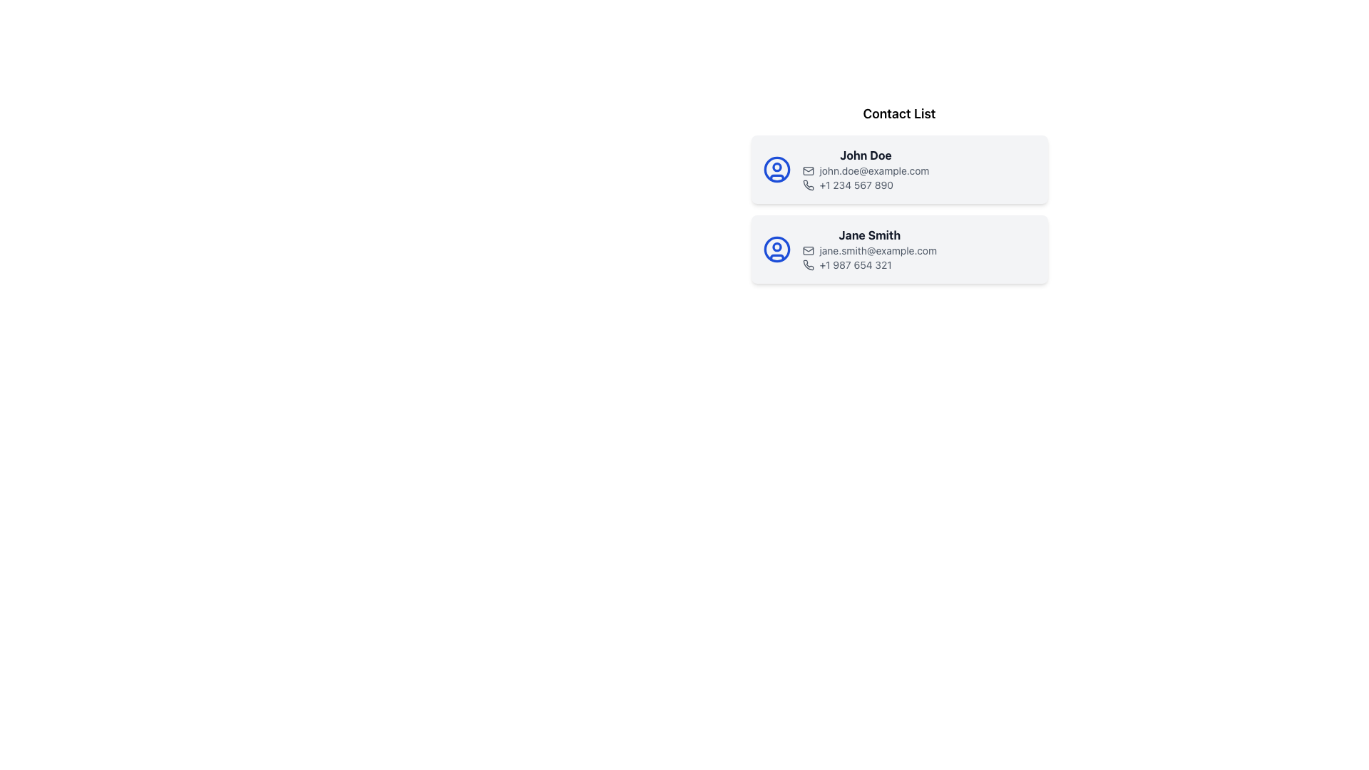  What do you see at coordinates (868, 235) in the screenshot?
I see `text displayed in the first line of the second contact card within the contact list, which serves as the display name for the contact` at bounding box center [868, 235].